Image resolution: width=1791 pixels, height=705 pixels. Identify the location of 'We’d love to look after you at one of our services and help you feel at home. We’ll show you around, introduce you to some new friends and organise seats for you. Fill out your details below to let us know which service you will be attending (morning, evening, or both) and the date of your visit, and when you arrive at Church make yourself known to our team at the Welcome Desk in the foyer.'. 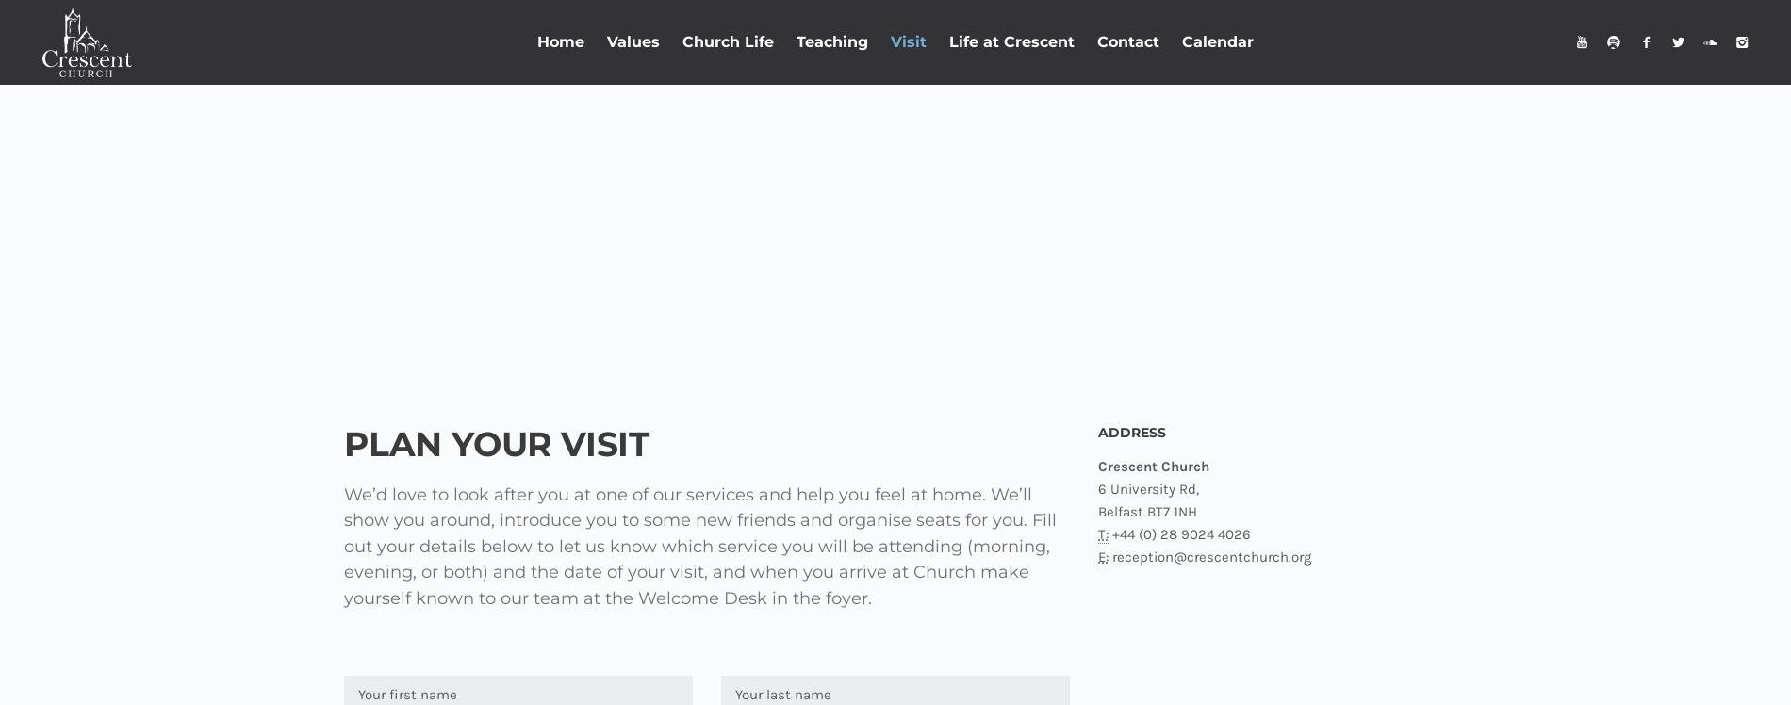
(699, 546).